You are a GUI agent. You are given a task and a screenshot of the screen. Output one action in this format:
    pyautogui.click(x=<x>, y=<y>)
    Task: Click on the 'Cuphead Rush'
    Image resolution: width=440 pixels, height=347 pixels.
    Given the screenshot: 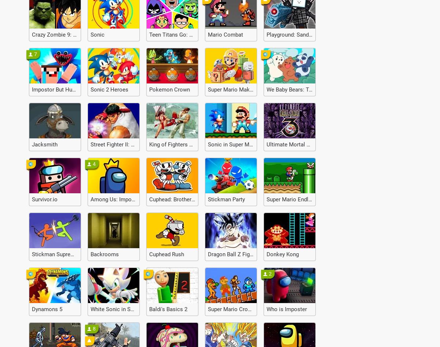 What is the action you would take?
    pyautogui.click(x=166, y=254)
    